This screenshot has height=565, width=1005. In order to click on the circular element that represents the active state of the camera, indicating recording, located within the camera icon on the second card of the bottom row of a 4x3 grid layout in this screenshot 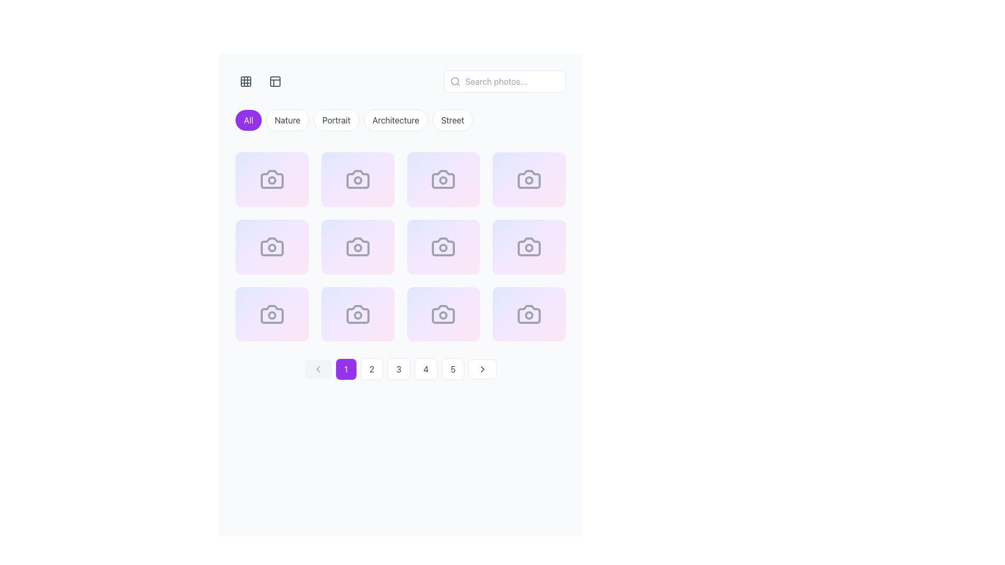, I will do `click(358, 315)`.